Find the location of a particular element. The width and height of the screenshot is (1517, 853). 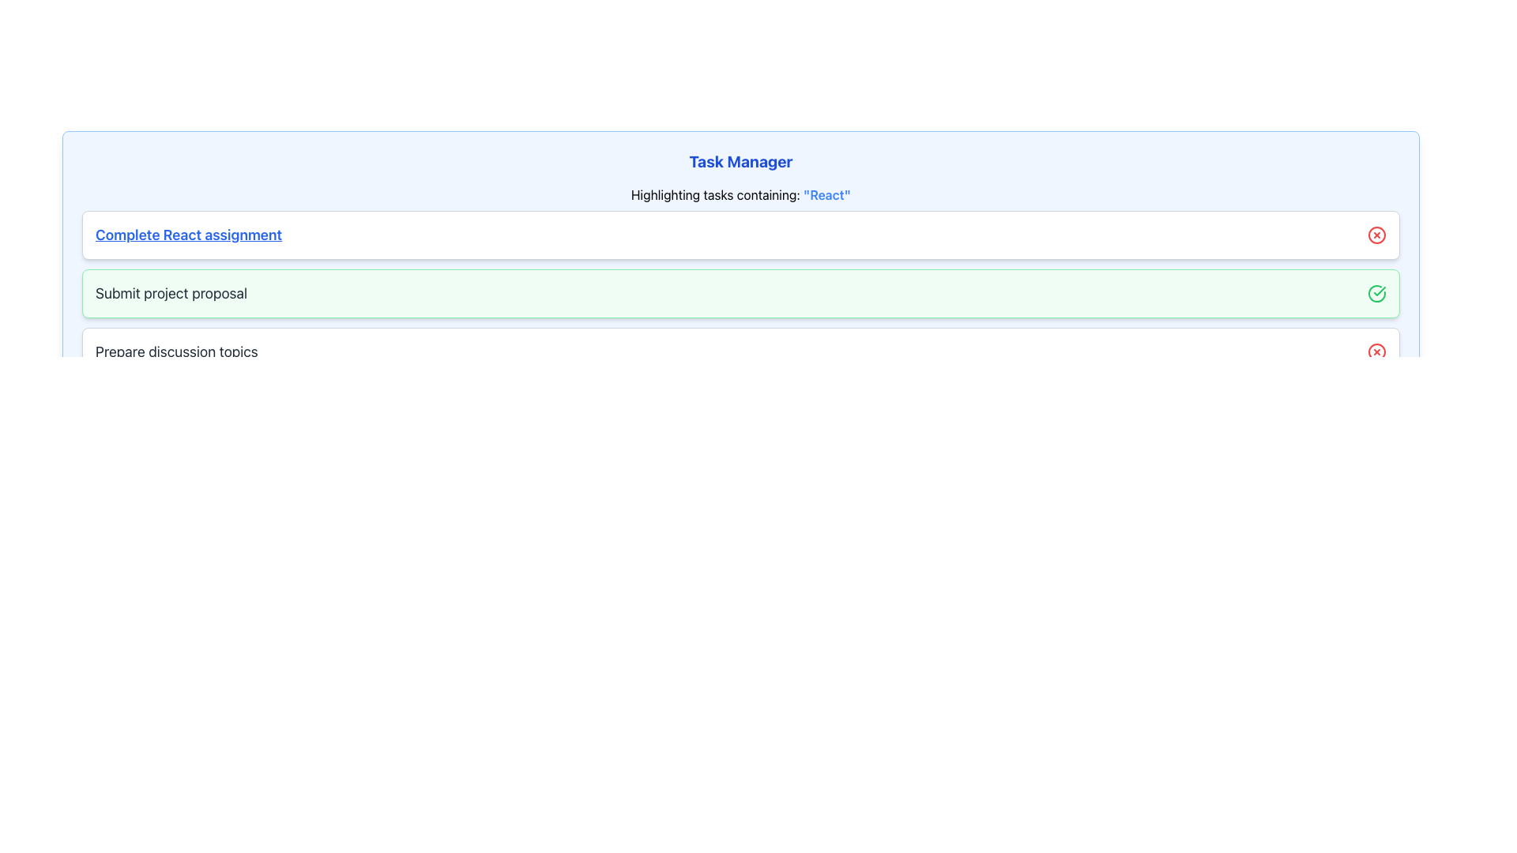

the red circular button with a white cross symbol inside it, located in the top-right corner of the 'Complete React assignment' box is located at coordinates (1376, 235).